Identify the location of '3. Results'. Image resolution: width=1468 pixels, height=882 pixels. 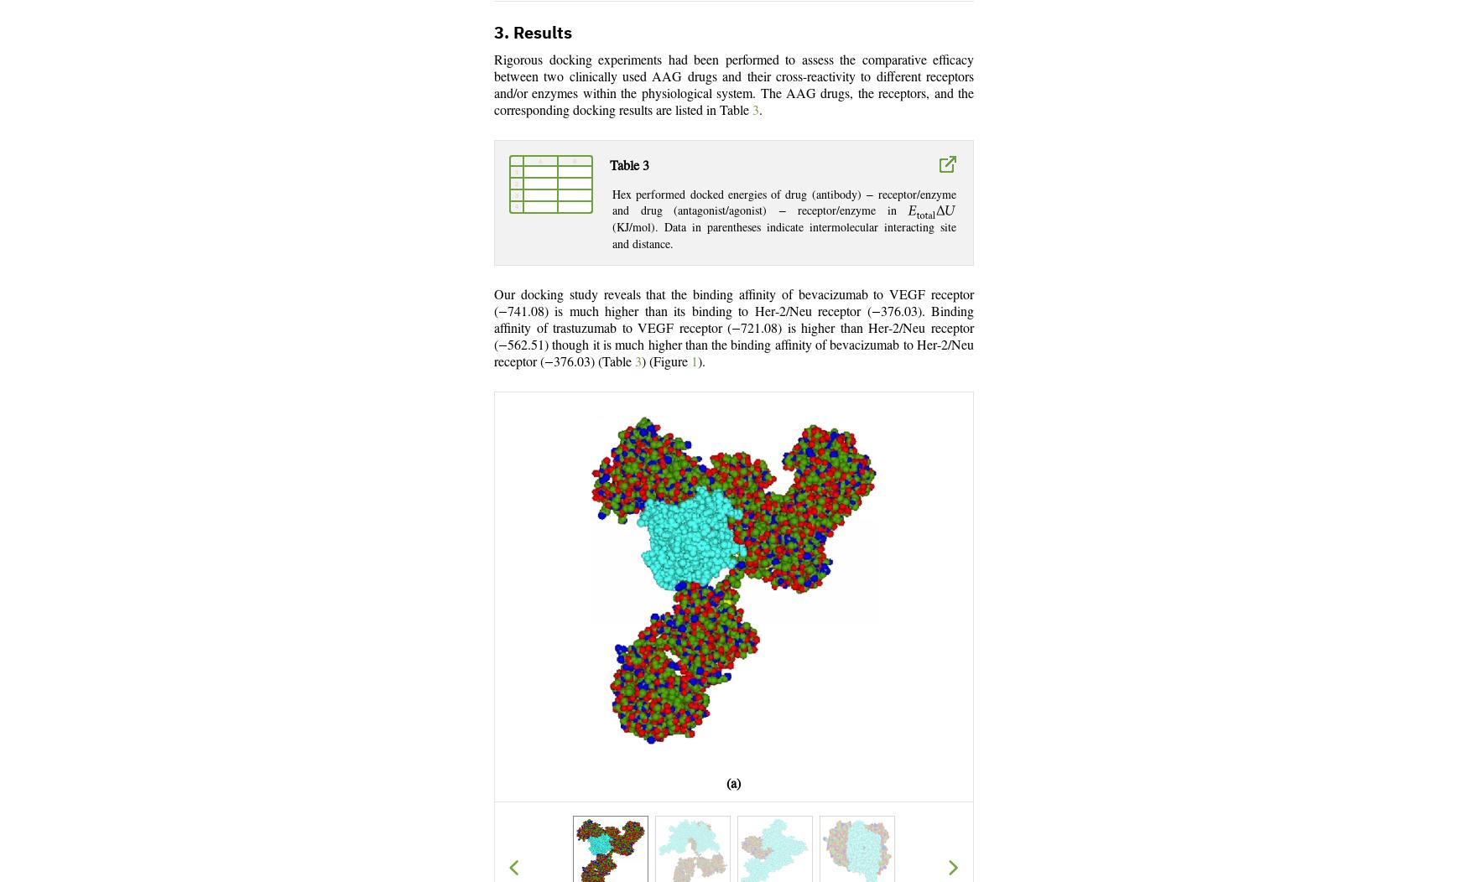
(532, 32).